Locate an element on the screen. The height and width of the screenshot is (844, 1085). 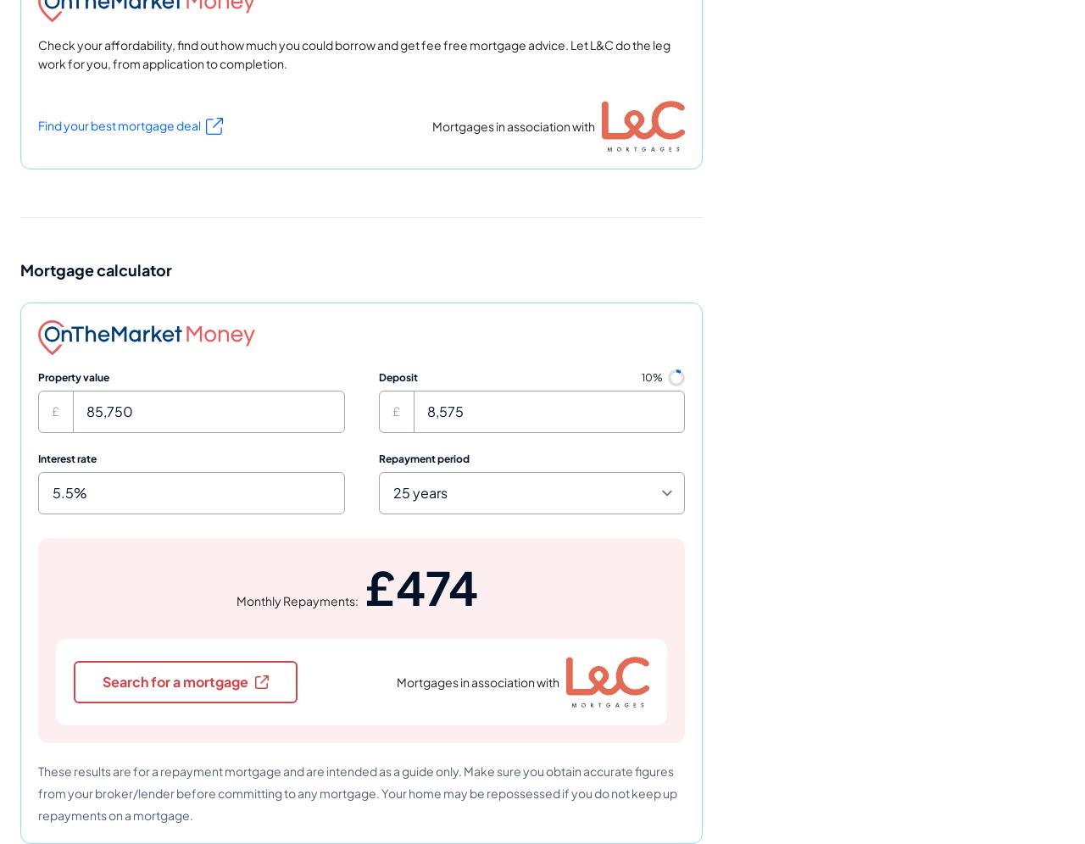
'Monthly Repayments:' is located at coordinates (235, 598).